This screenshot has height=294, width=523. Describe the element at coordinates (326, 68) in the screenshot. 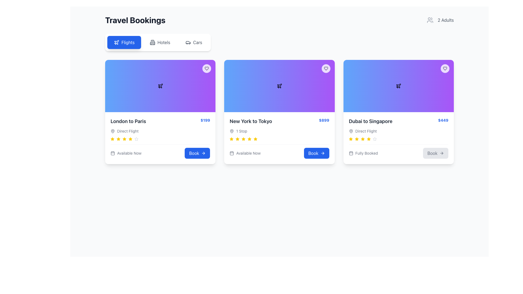

I see `the circular button with a heart icon located in the top-right corner of the 'New York` at that location.